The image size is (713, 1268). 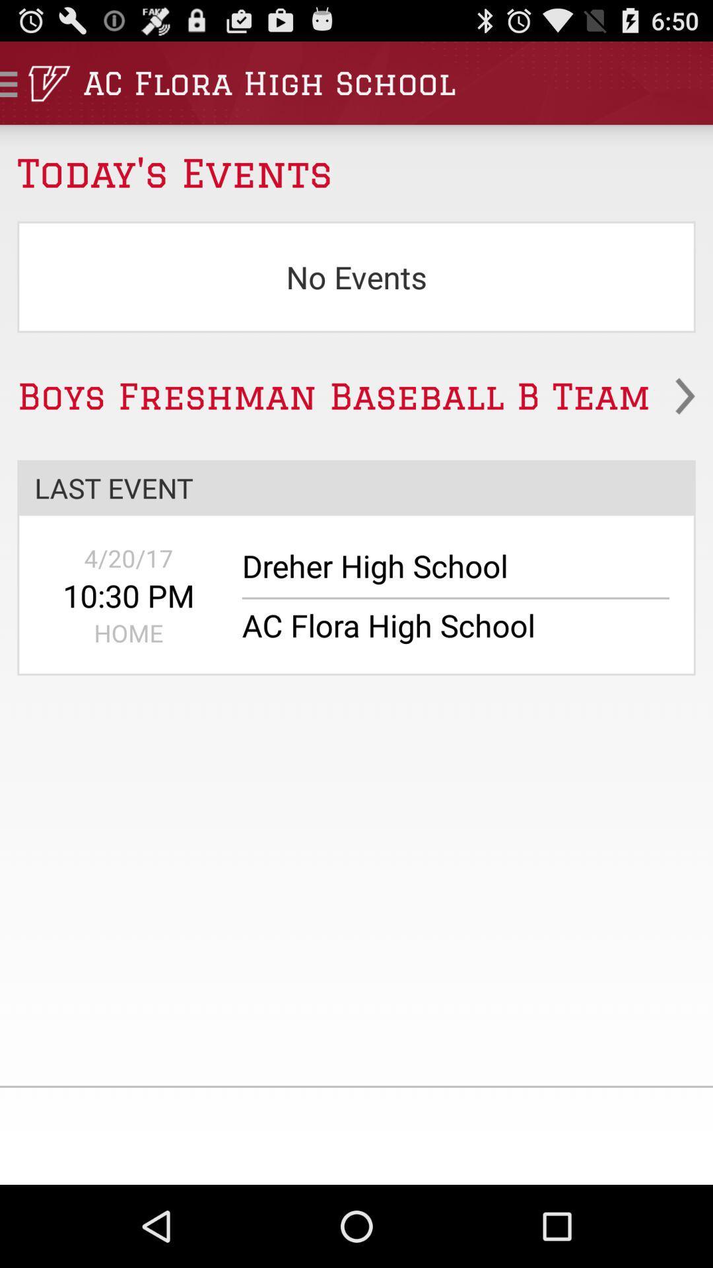 What do you see at coordinates (356, 487) in the screenshot?
I see `last event icon` at bounding box center [356, 487].